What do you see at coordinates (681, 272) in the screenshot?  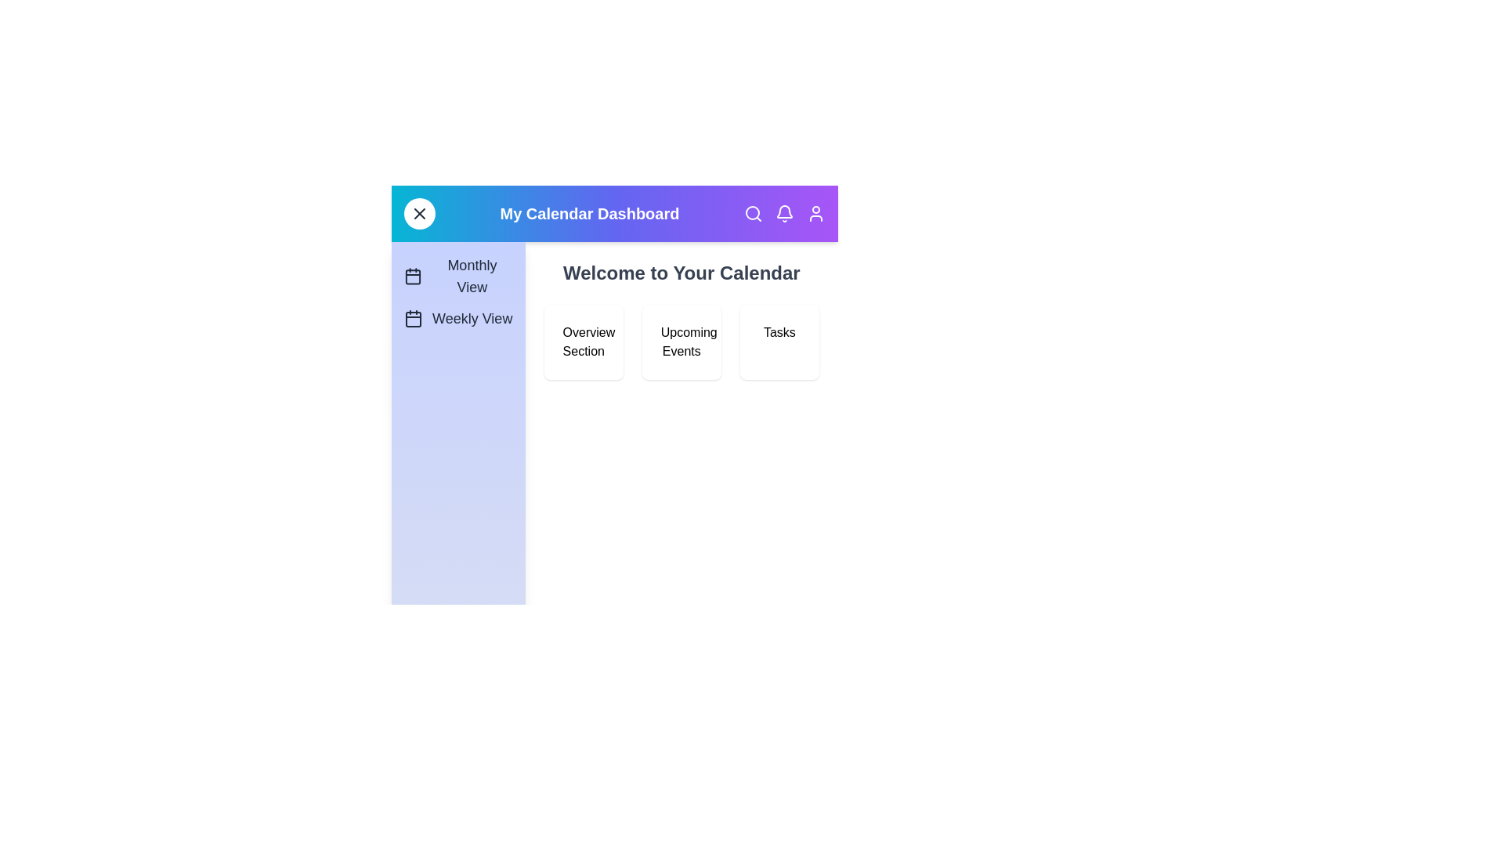 I see `the welcome header text at the top of the calendar interface, which indicates the purpose of the application` at bounding box center [681, 272].